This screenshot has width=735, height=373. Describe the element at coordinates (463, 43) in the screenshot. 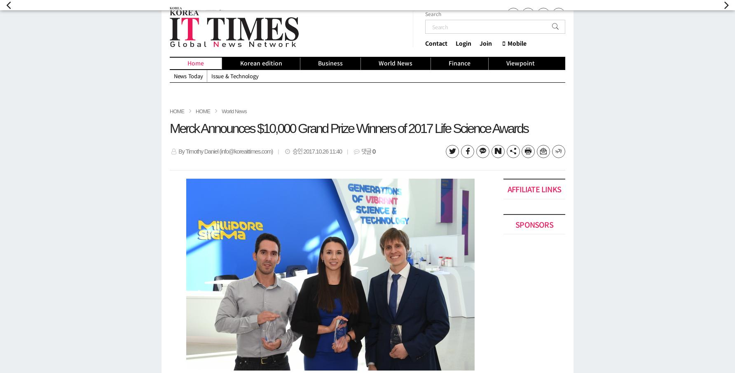

I see `'Login'` at that location.